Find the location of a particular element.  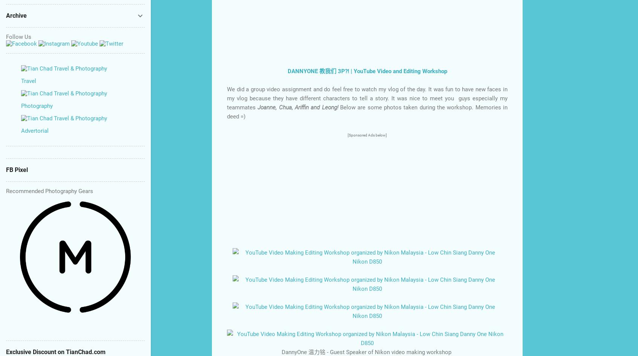

'Archive' is located at coordinates (16, 15).